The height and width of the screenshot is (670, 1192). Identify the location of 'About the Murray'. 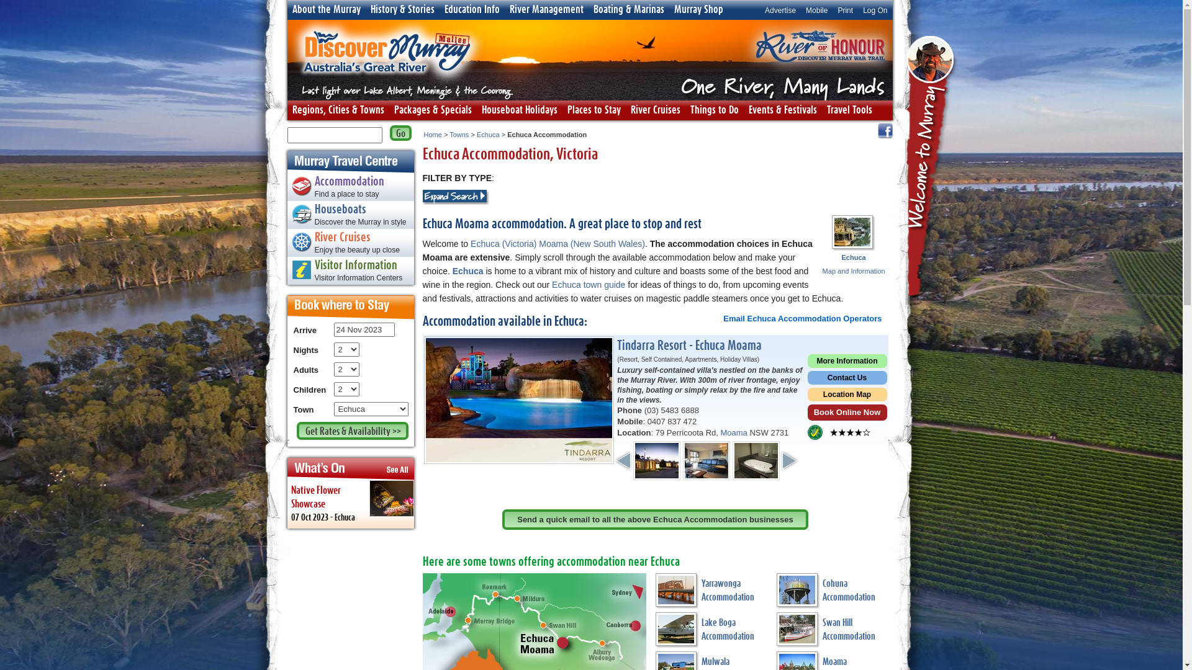
(325, 9).